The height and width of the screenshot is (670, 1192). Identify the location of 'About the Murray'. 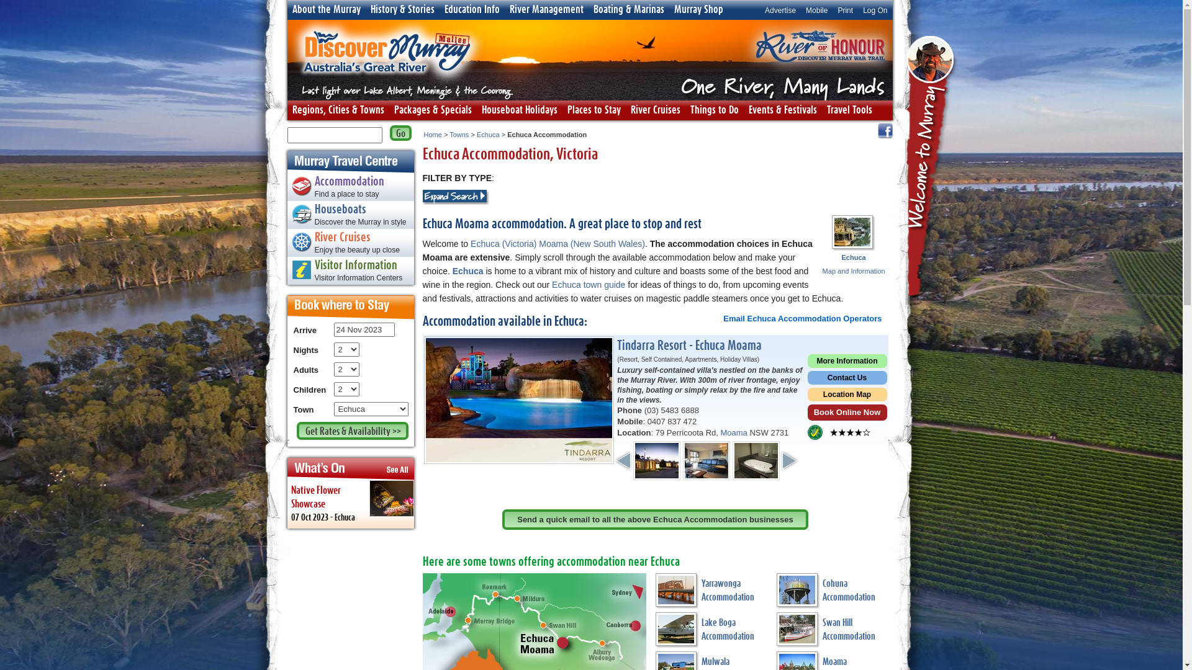
(325, 9).